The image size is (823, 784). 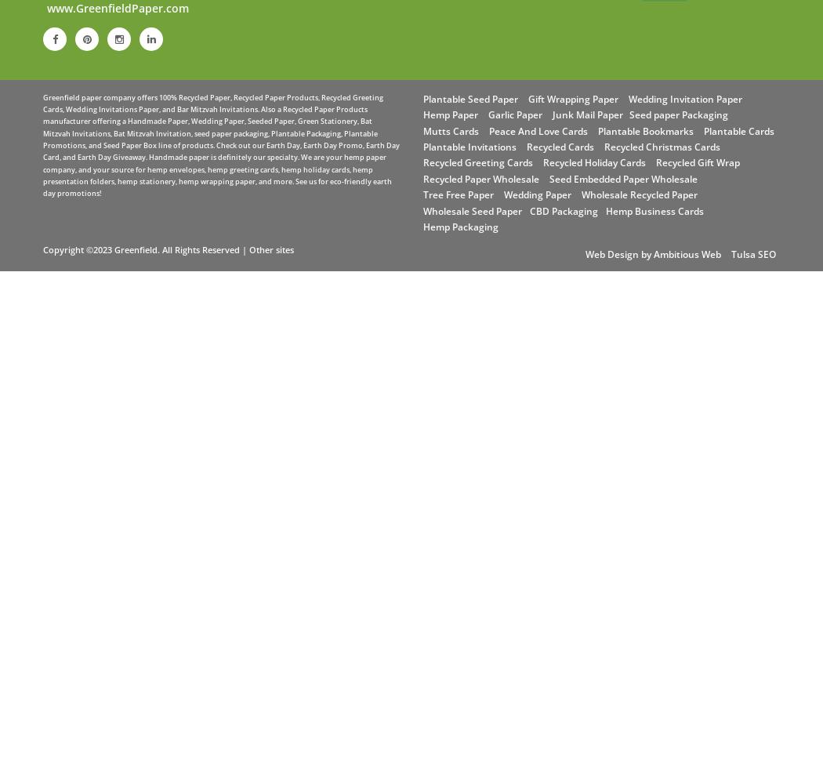 What do you see at coordinates (457, 194) in the screenshot?
I see `'Tree Free Paper'` at bounding box center [457, 194].